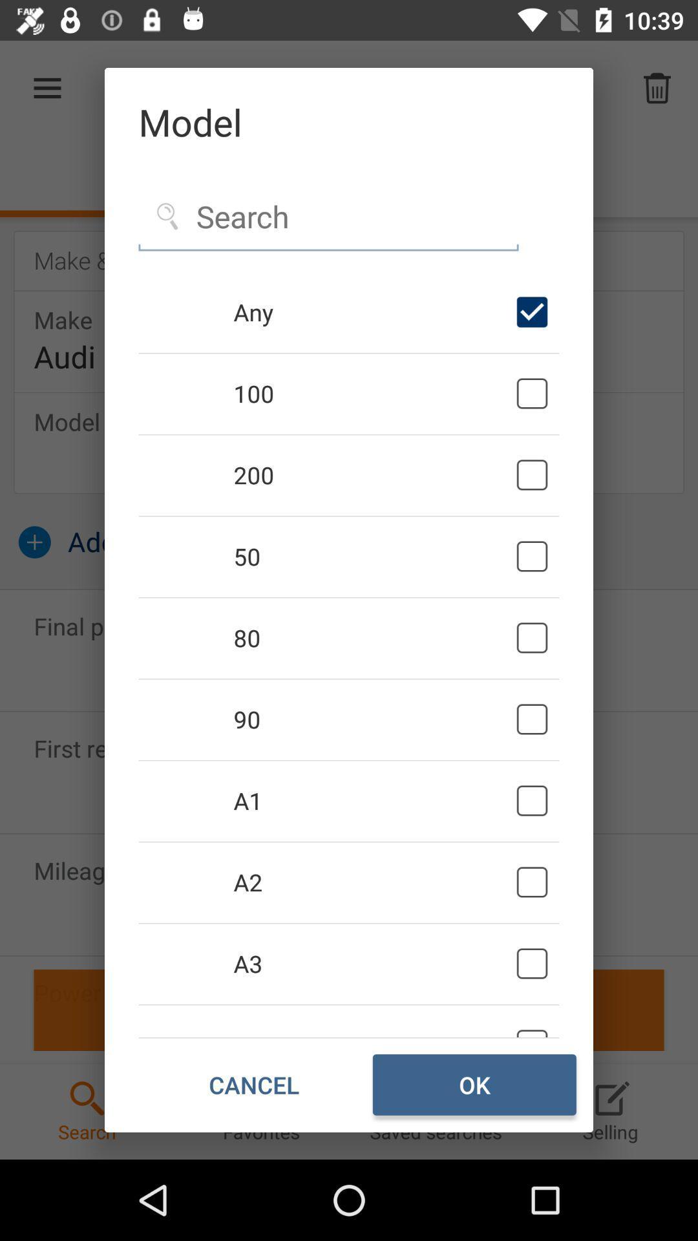 This screenshot has width=698, height=1241. I want to click on the 200 icon, so click(372, 474).